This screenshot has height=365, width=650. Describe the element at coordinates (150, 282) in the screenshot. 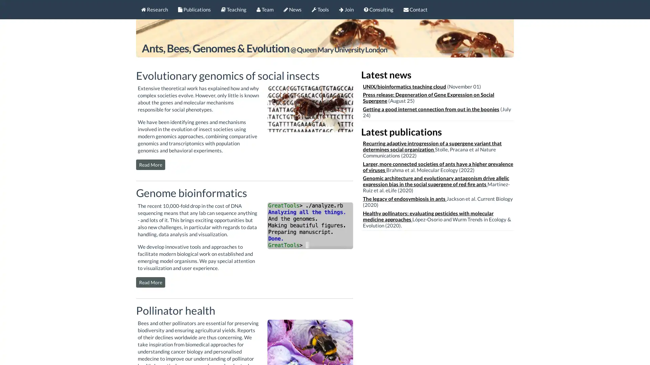

I see `Read More` at that location.